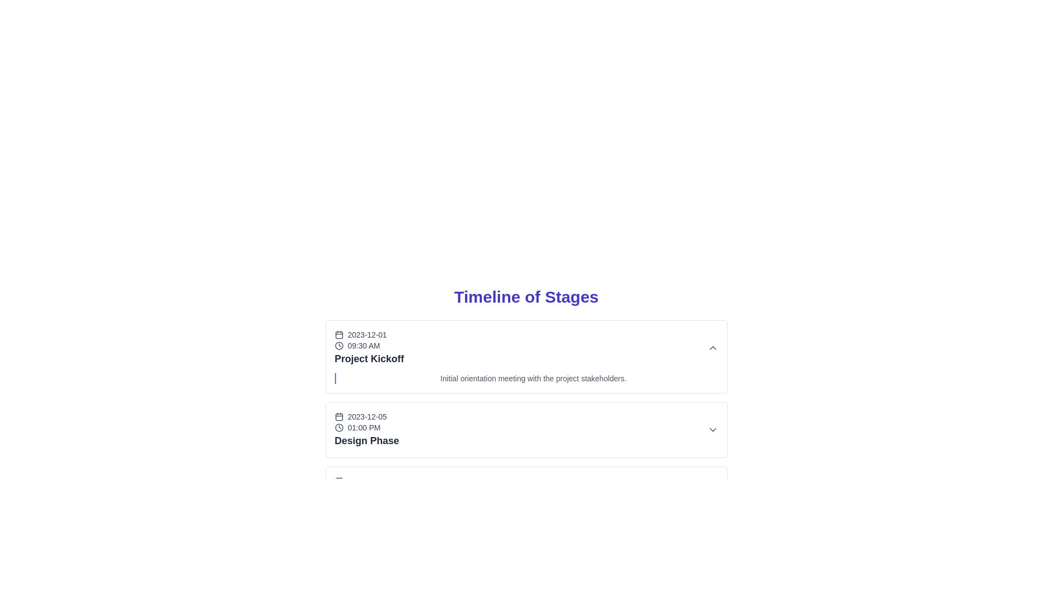 Image resolution: width=1049 pixels, height=590 pixels. I want to click on the calendar icon located to the left of the '2023-12-05' text block, which represents the date of a timeline entry, so click(338, 417).